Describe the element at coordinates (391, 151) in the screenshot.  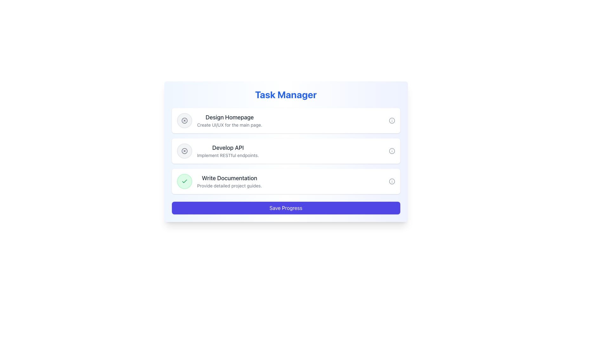
I see `the circular visual decoration with a gray stroke and transparent fill located at the center of the information icon adjacent to the 'Develop API' task description` at that location.